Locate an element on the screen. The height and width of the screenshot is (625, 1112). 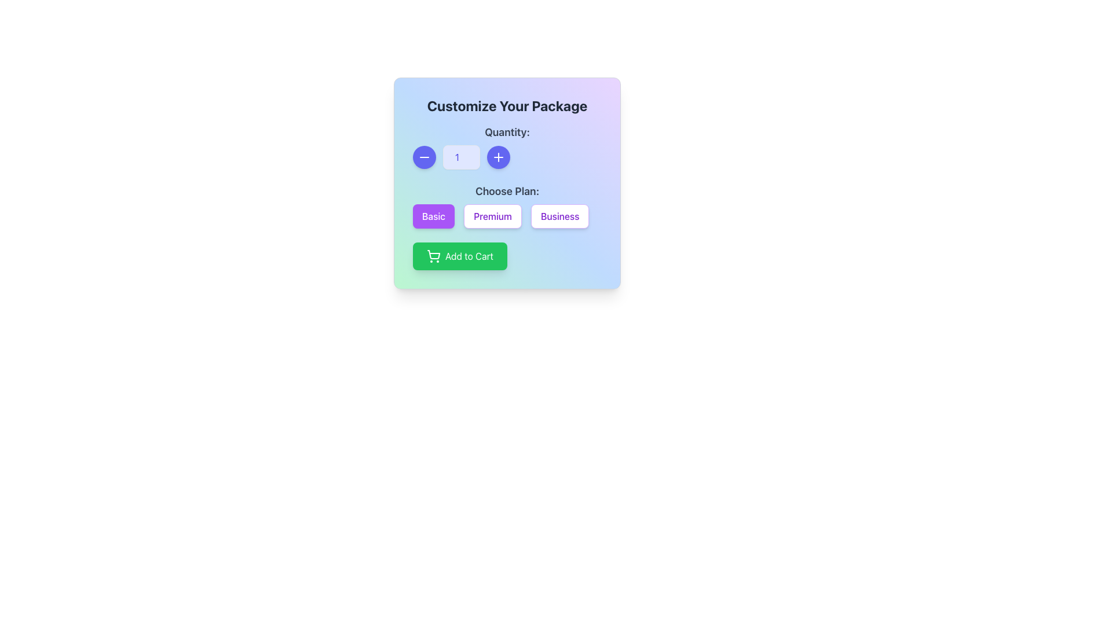
the text label that says 'Choose Plan:', which is styled with a large bold gray font and positioned above the button options is located at coordinates (507, 191).